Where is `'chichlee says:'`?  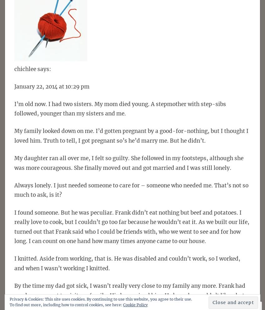 'chichlee says:' is located at coordinates (32, 69).